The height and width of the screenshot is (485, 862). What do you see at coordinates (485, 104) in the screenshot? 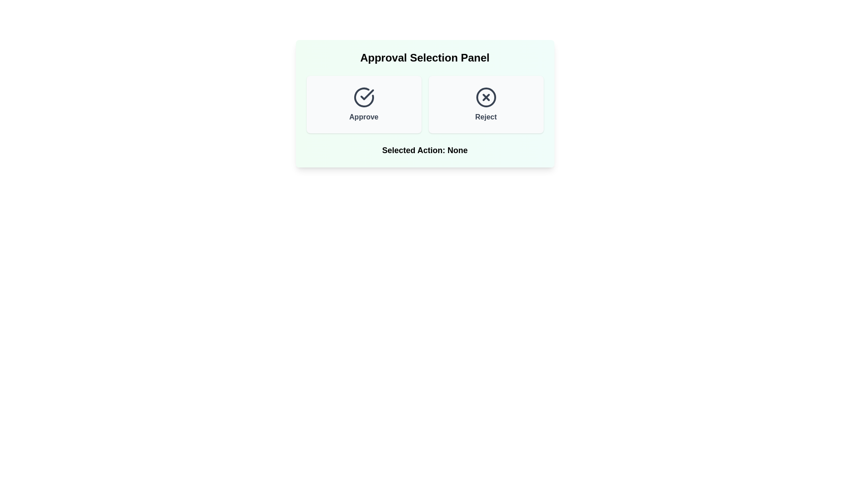
I see `'Reject' button to select rejection` at bounding box center [485, 104].